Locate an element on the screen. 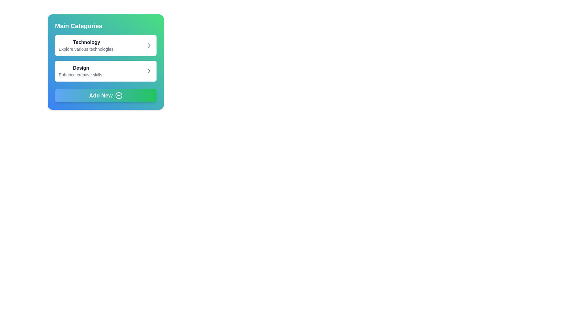 This screenshot has height=330, width=587. the text component displaying the phrase 'Explore various technologies.' located beneath the 'Technology' text within the card section under the 'Main Categories' heading is located at coordinates (86, 49).